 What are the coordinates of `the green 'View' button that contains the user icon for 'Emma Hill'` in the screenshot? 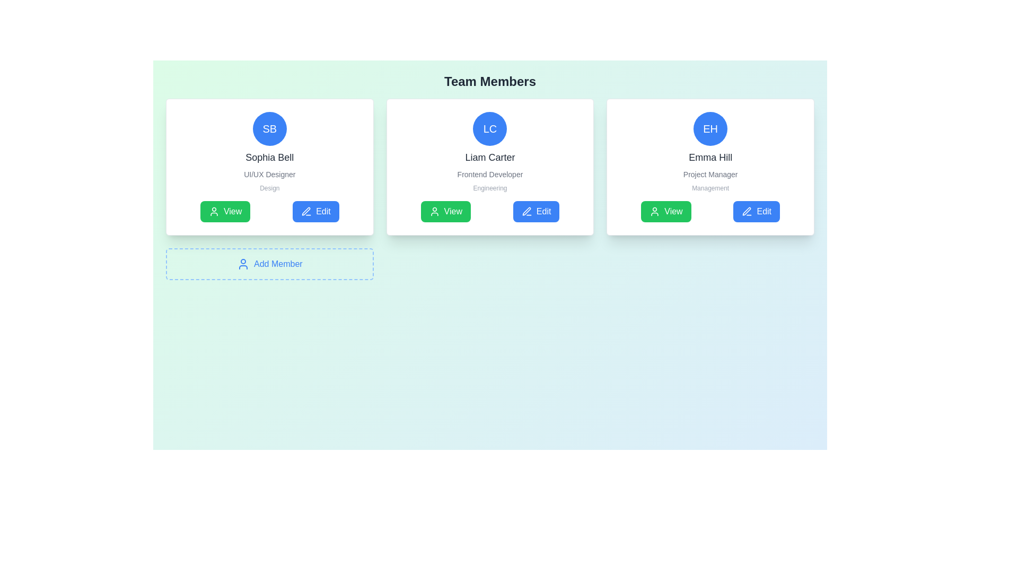 It's located at (654, 211).